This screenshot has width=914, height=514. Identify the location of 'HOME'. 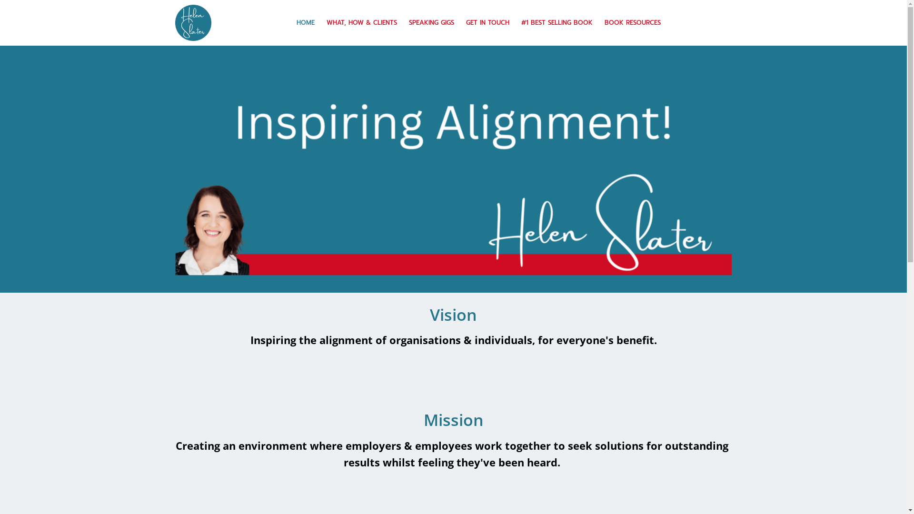
(306, 22).